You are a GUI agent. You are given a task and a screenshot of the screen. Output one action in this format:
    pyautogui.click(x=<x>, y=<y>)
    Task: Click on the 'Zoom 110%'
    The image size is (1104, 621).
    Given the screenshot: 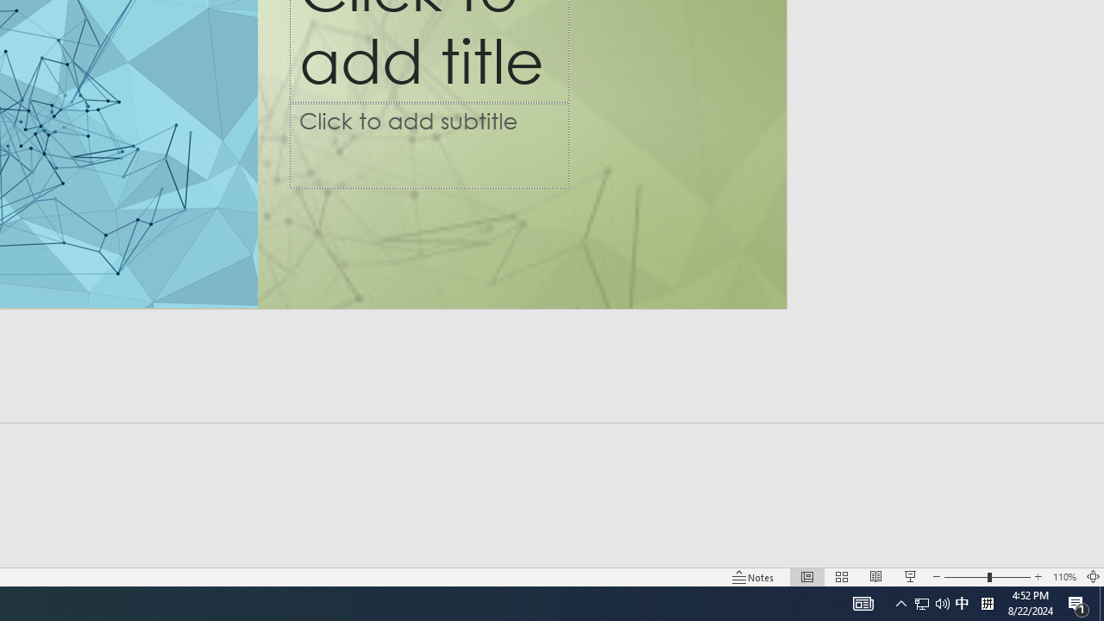 What is the action you would take?
    pyautogui.click(x=1063, y=577)
    